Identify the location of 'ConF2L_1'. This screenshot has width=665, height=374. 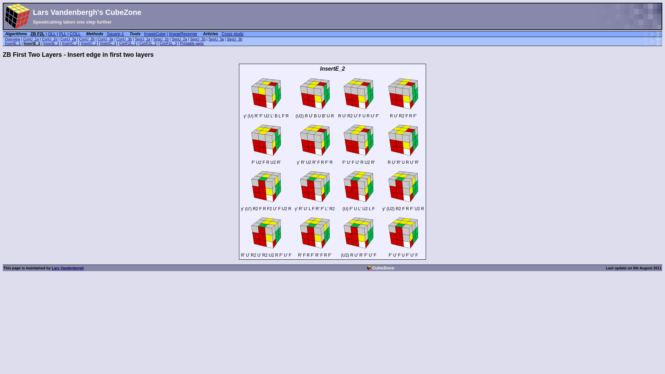
(128, 43).